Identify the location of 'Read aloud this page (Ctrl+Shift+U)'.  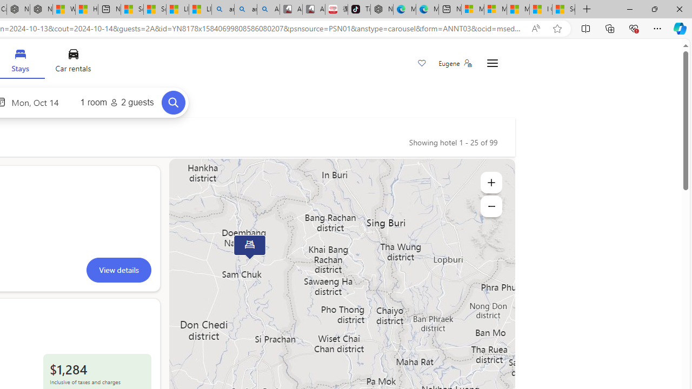
(536, 28).